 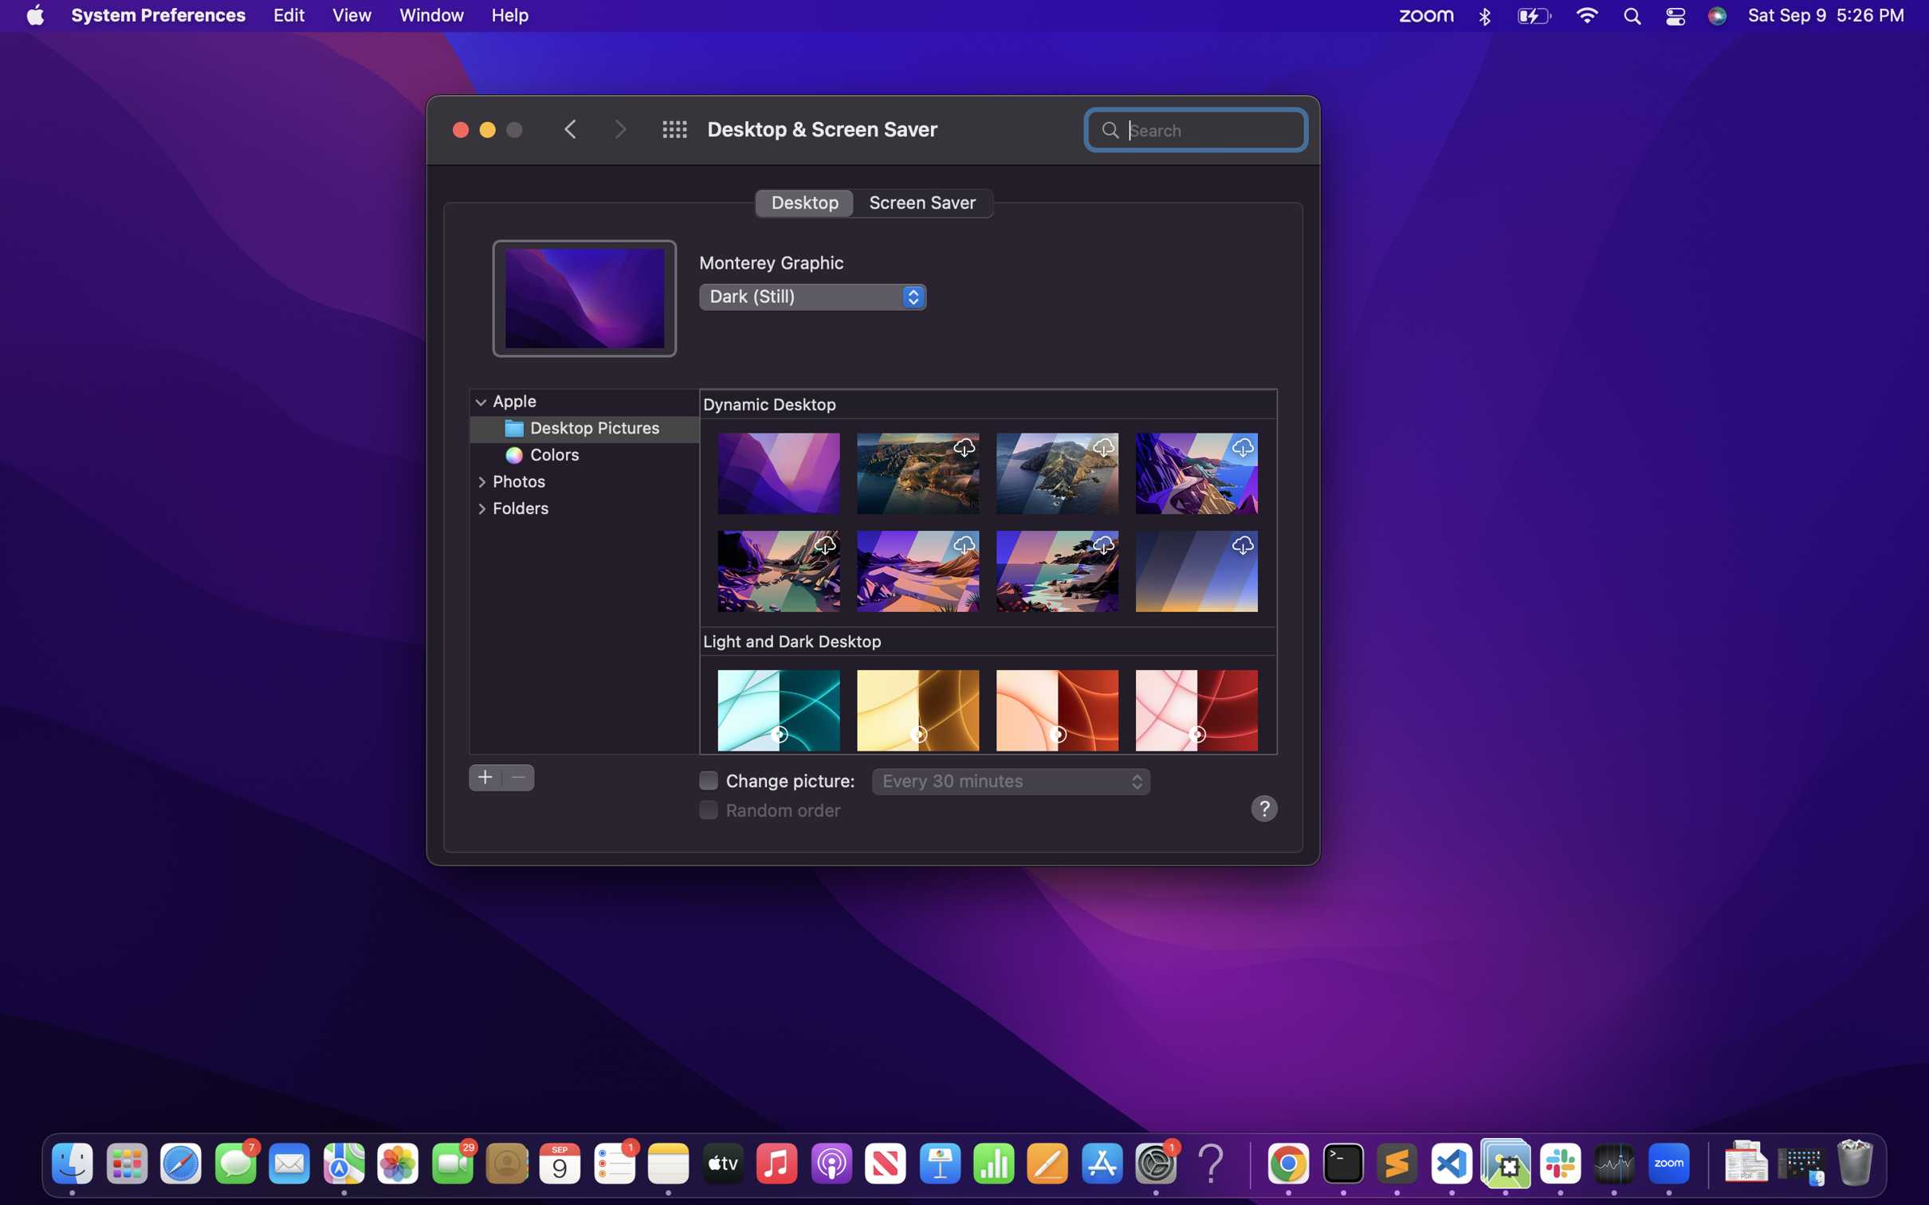 I want to click on a new file container, so click(x=488, y=776).